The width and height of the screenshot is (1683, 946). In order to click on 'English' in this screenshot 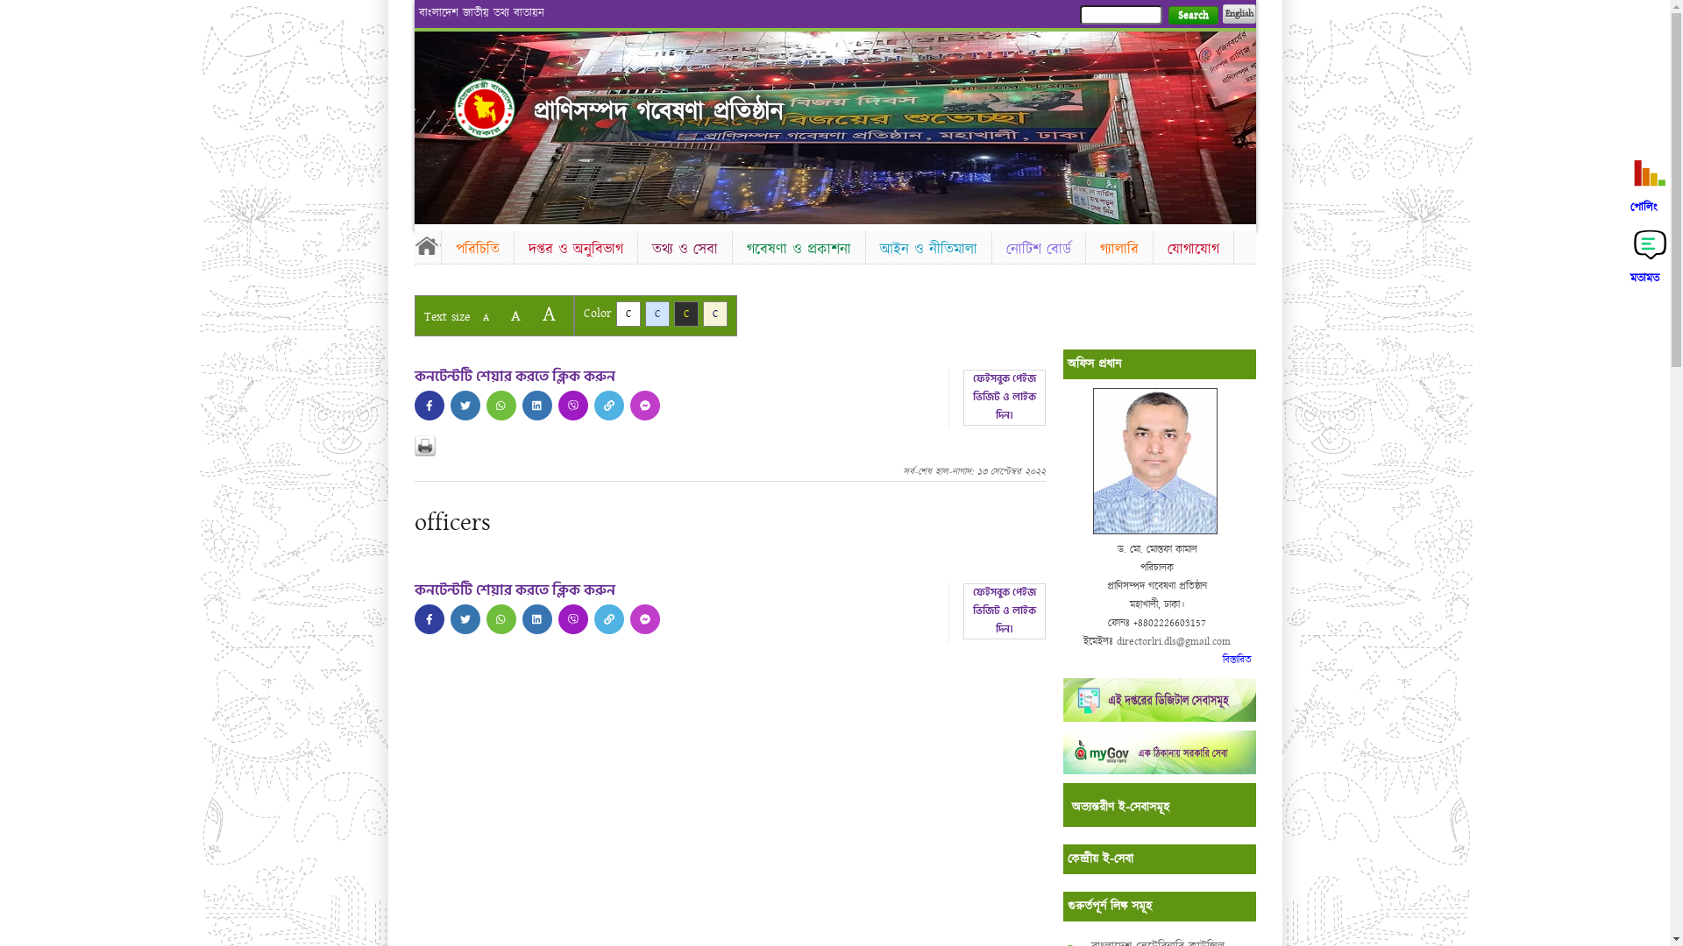, I will do `click(1237, 13)`.